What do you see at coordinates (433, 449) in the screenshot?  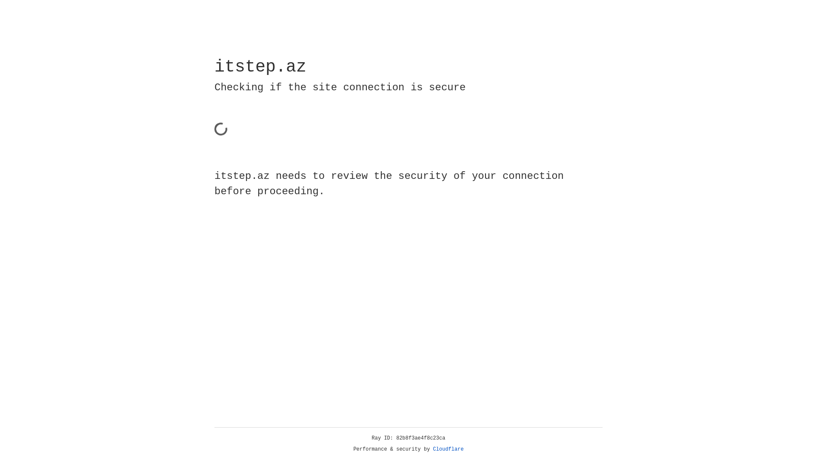 I see `'Cloudflare'` at bounding box center [433, 449].